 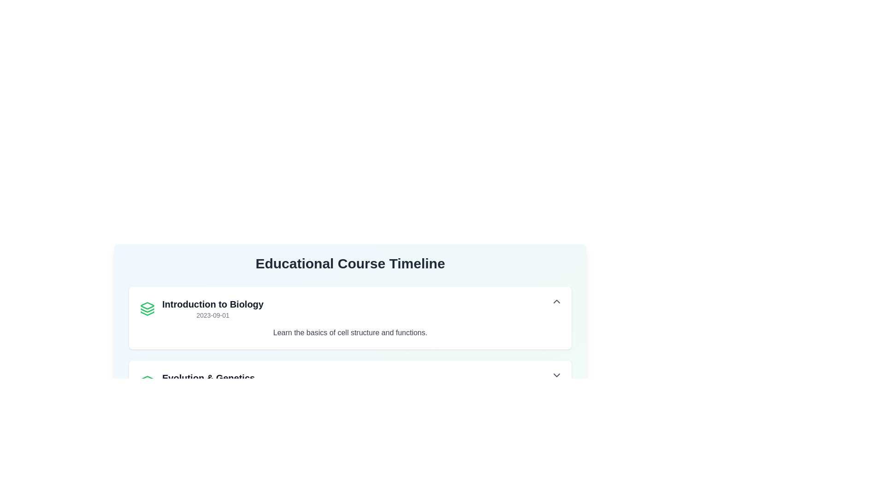 I want to click on the icon located to the left of the 'Evolution & Genetics 2023-10-01' section, which visually represents the theme of depth or complexity in genetics, so click(x=147, y=382).